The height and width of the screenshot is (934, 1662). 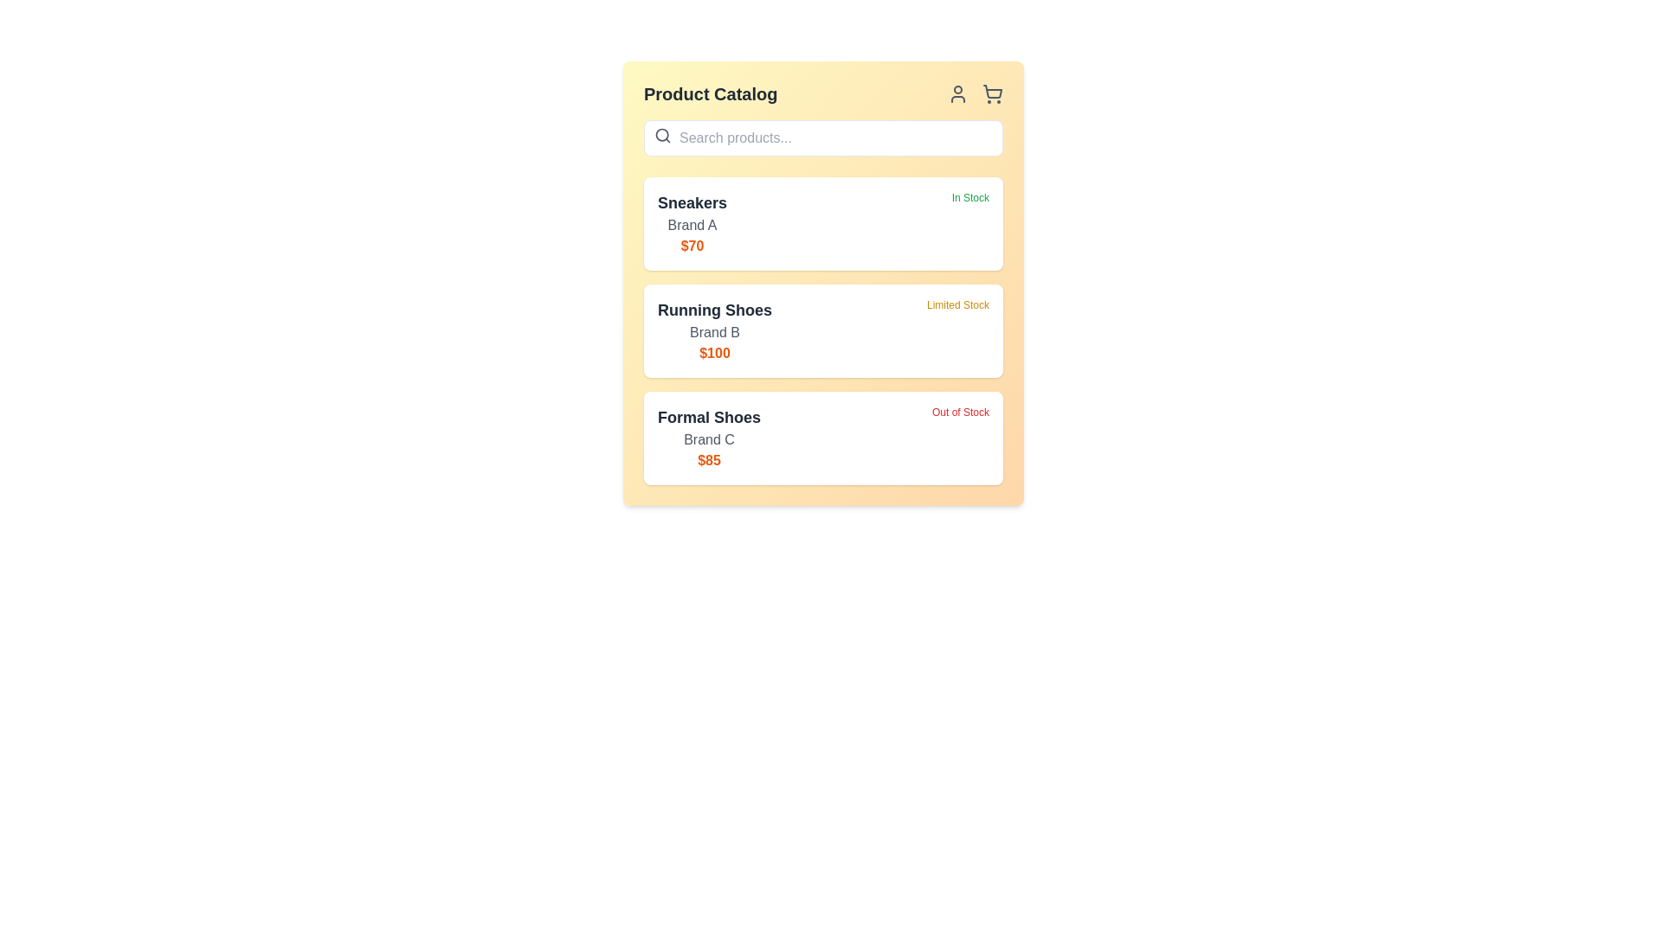 What do you see at coordinates (993, 92) in the screenshot?
I see `the shopping cart icon located in the top-right corner of the interface` at bounding box center [993, 92].